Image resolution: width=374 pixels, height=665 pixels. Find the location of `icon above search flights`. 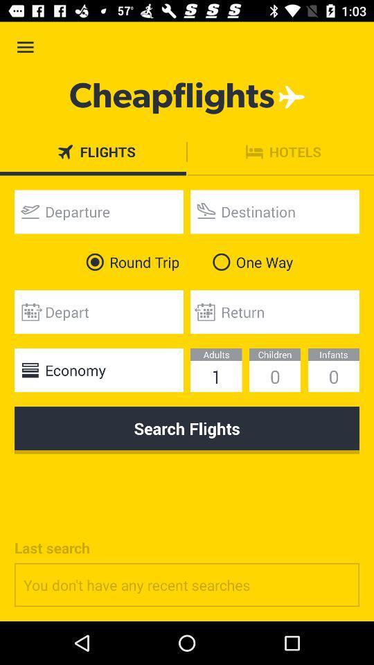

icon above search flights is located at coordinates (98, 369).